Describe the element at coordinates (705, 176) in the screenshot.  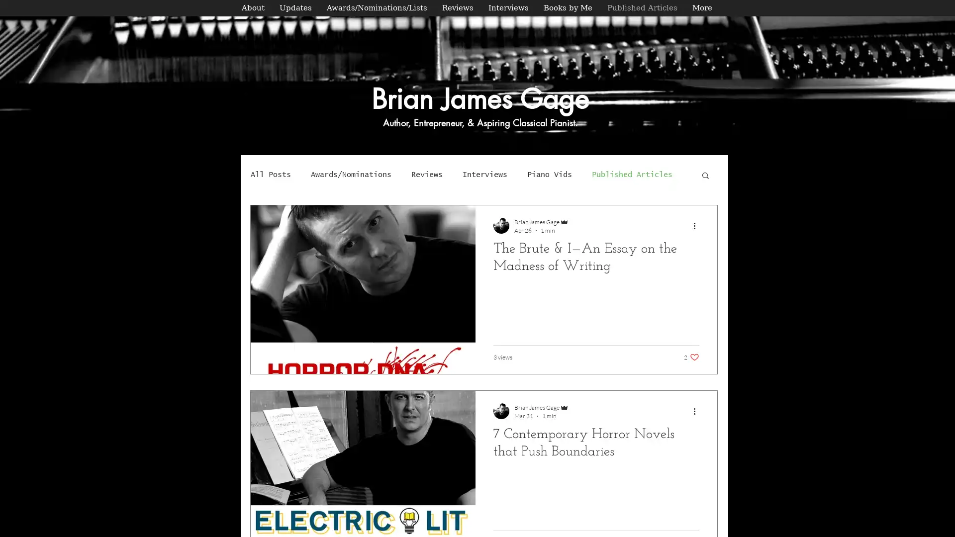
I see `Search` at that location.